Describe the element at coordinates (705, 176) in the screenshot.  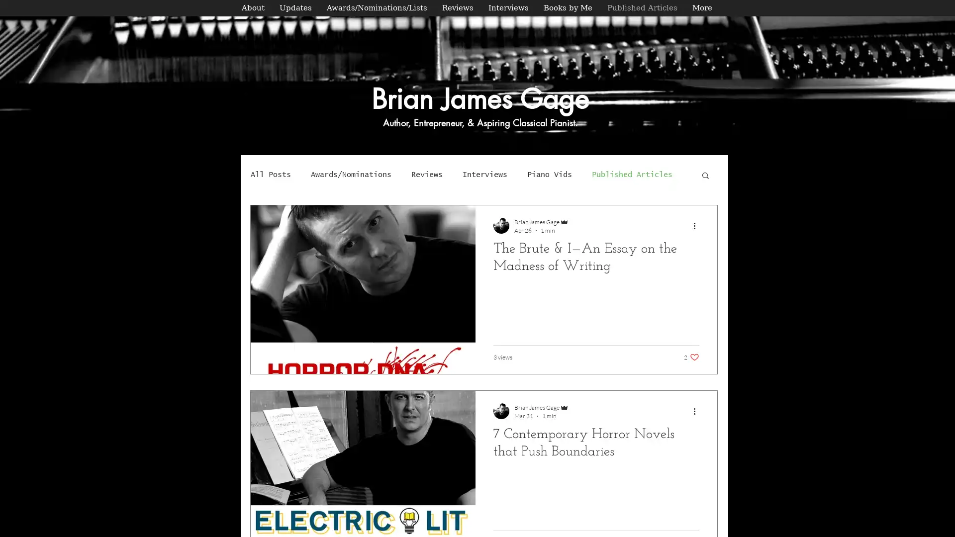
I see `Search` at that location.